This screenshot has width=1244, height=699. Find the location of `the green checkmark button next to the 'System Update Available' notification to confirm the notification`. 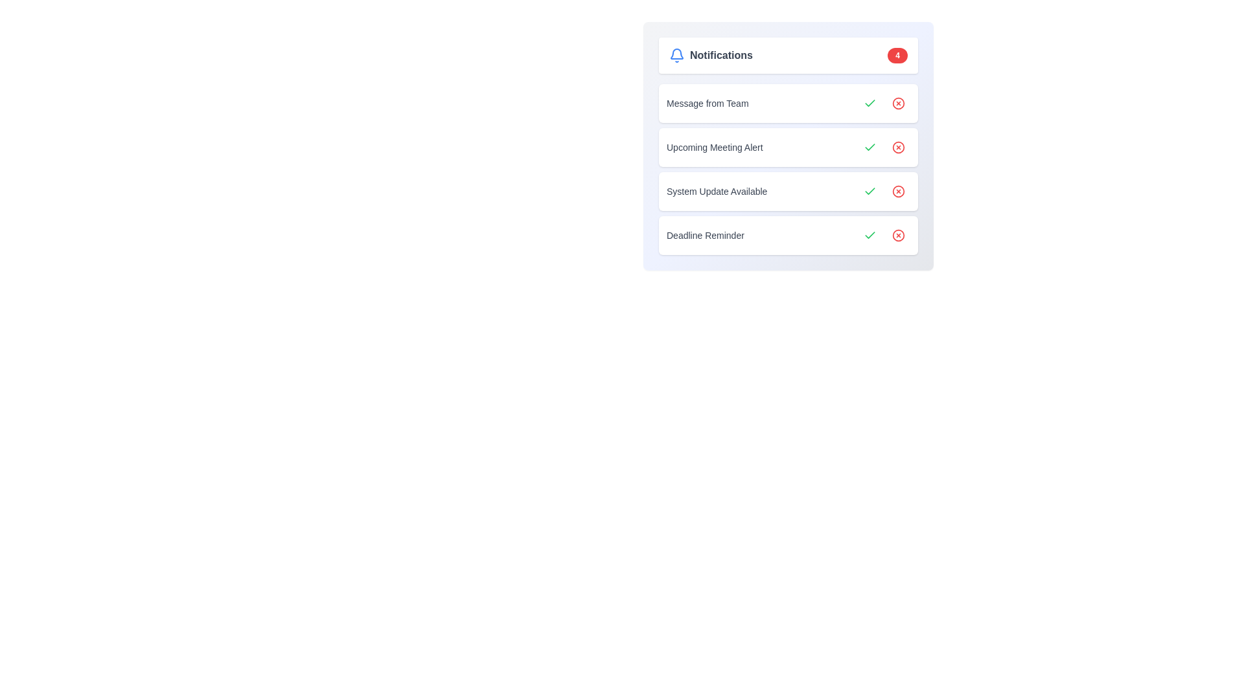

the green checkmark button next to the 'System Update Available' notification to confirm the notification is located at coordinates (870, 192).